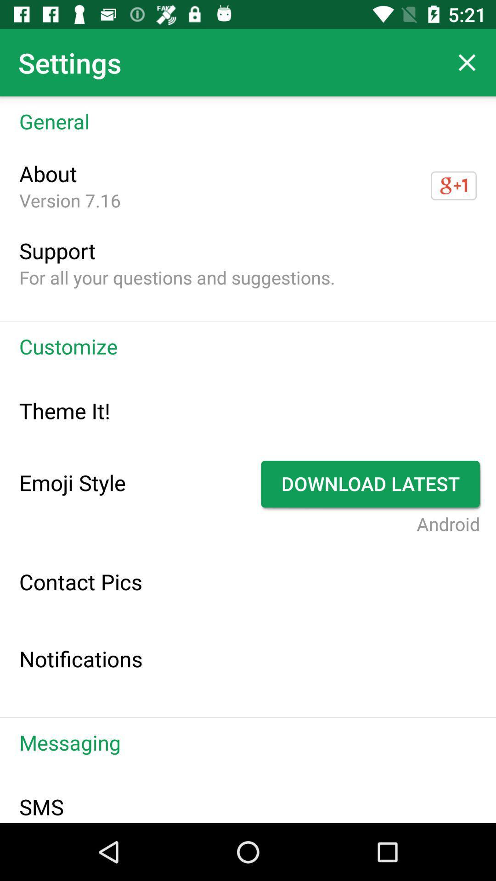  What do you see at coordinates (371, 484) in the screenshot?
I see `the download latest item` at bounding box center [371, 484].